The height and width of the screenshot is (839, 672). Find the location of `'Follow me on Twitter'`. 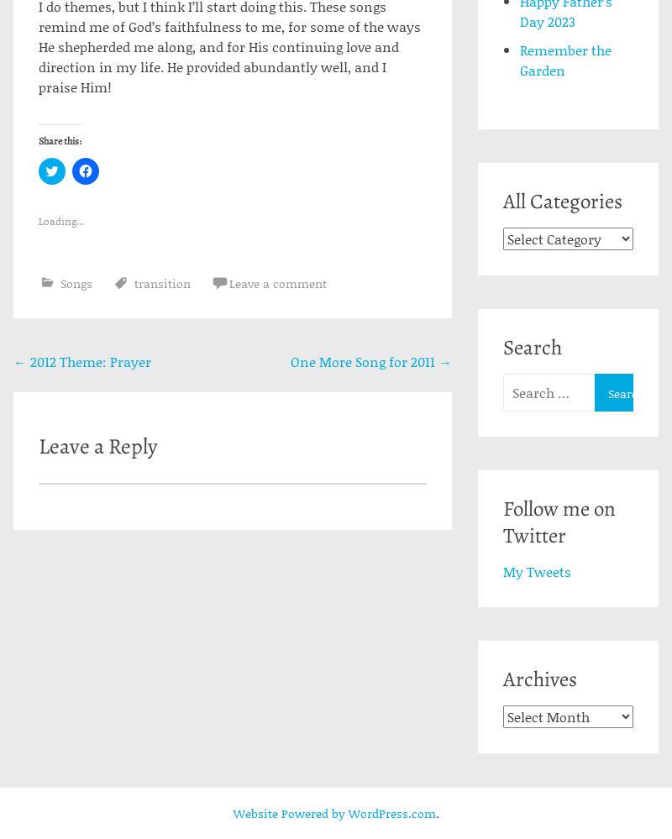

'Follow me on Twitter' is located at coordinates (558, 521).